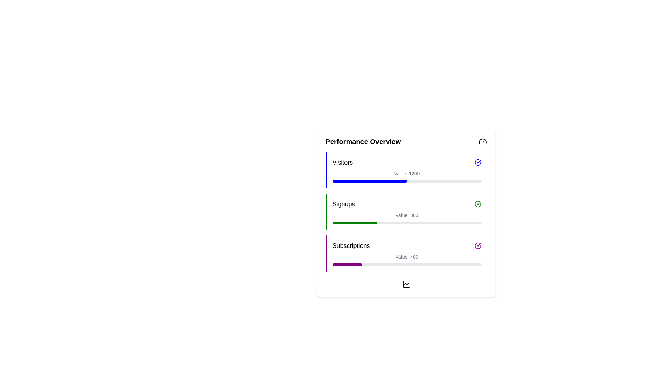 Image resolution: width=668 pixels, height=375 pixels. I want to click on the Decorative SVG graphical element, which is part of a chart icon located at the bottom edge of a white panel displaying performance overview statistics, so click(406, 284).